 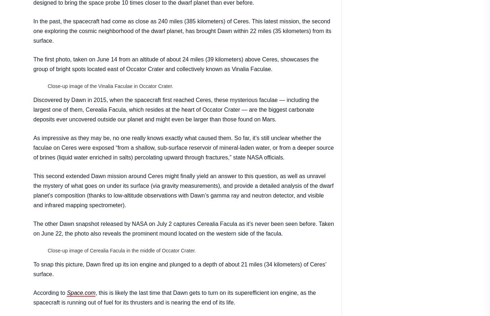 I want to click on 'Close-up image of Cerealia Facula in the middle of Occator Crater.', so click(x=122, y=250).